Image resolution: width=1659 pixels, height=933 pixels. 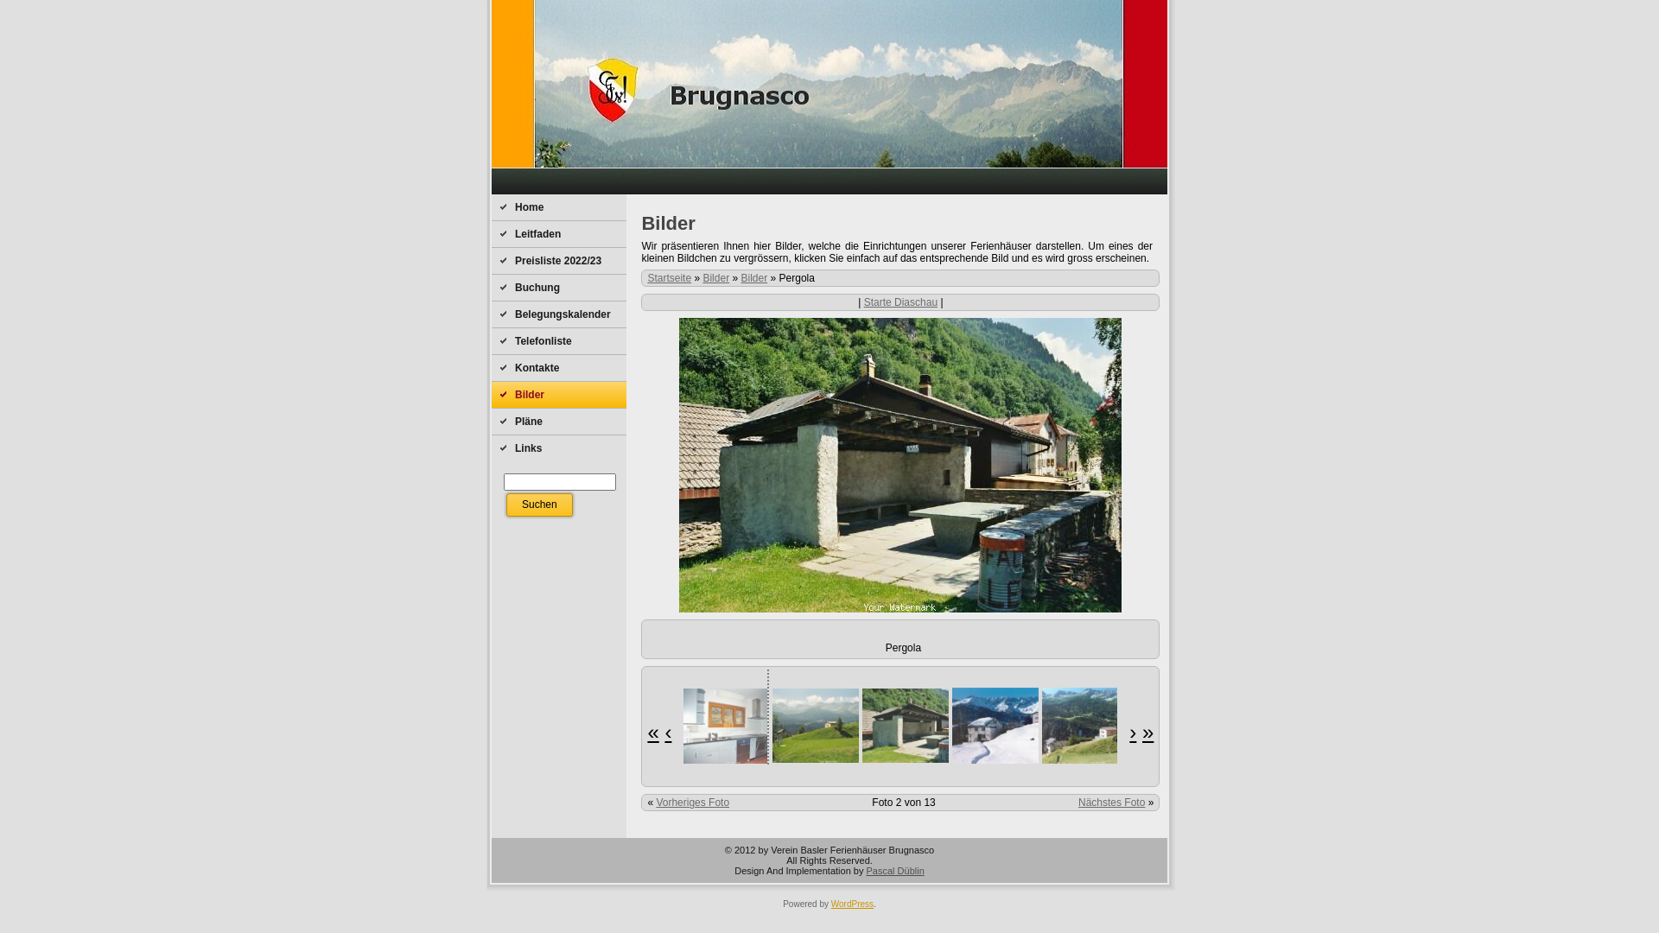 I want to click on 'WordPress', so click(x=852, y=903).